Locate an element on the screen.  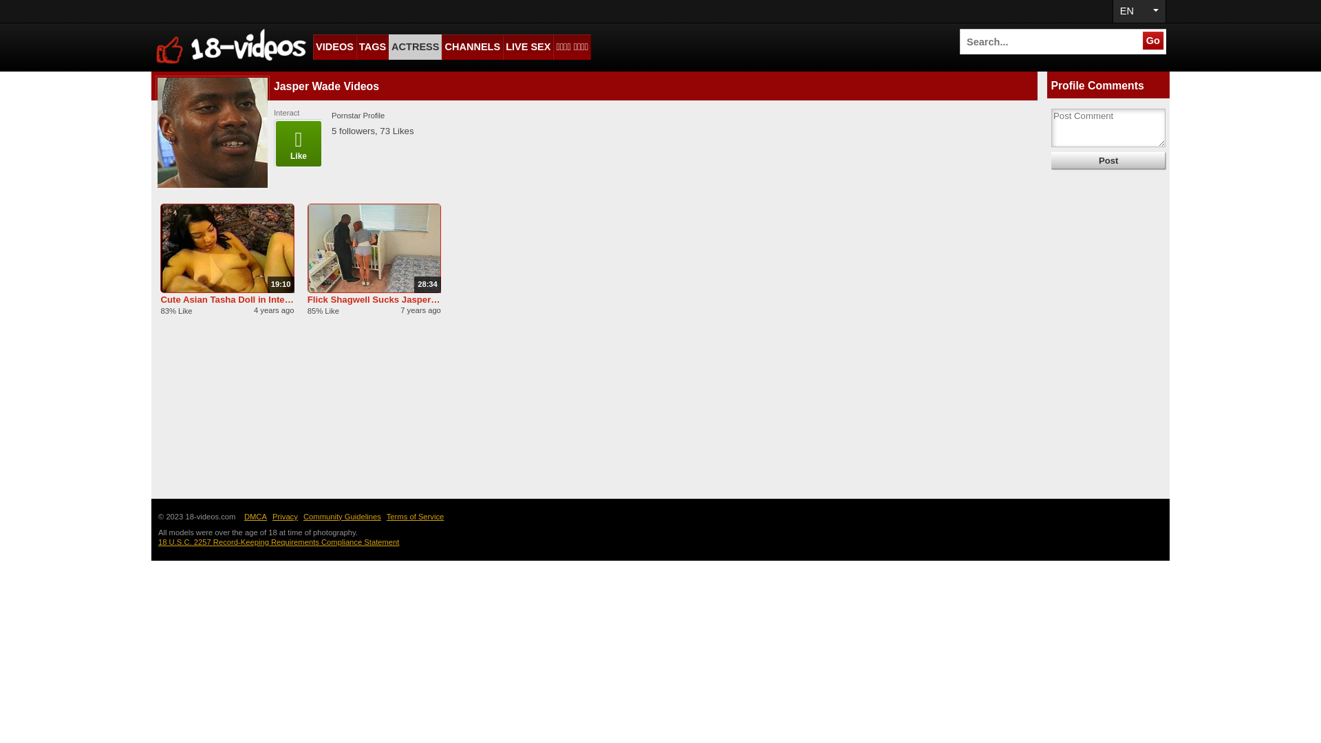
'CHANNELS' is located at coordinates (472, 46).